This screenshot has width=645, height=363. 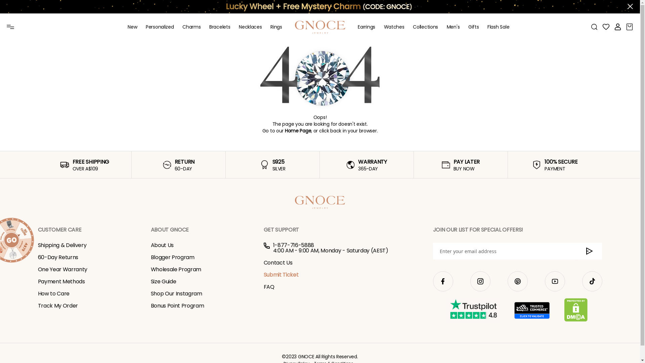 I want to click on 'Men's', so click(x=453, y=27).